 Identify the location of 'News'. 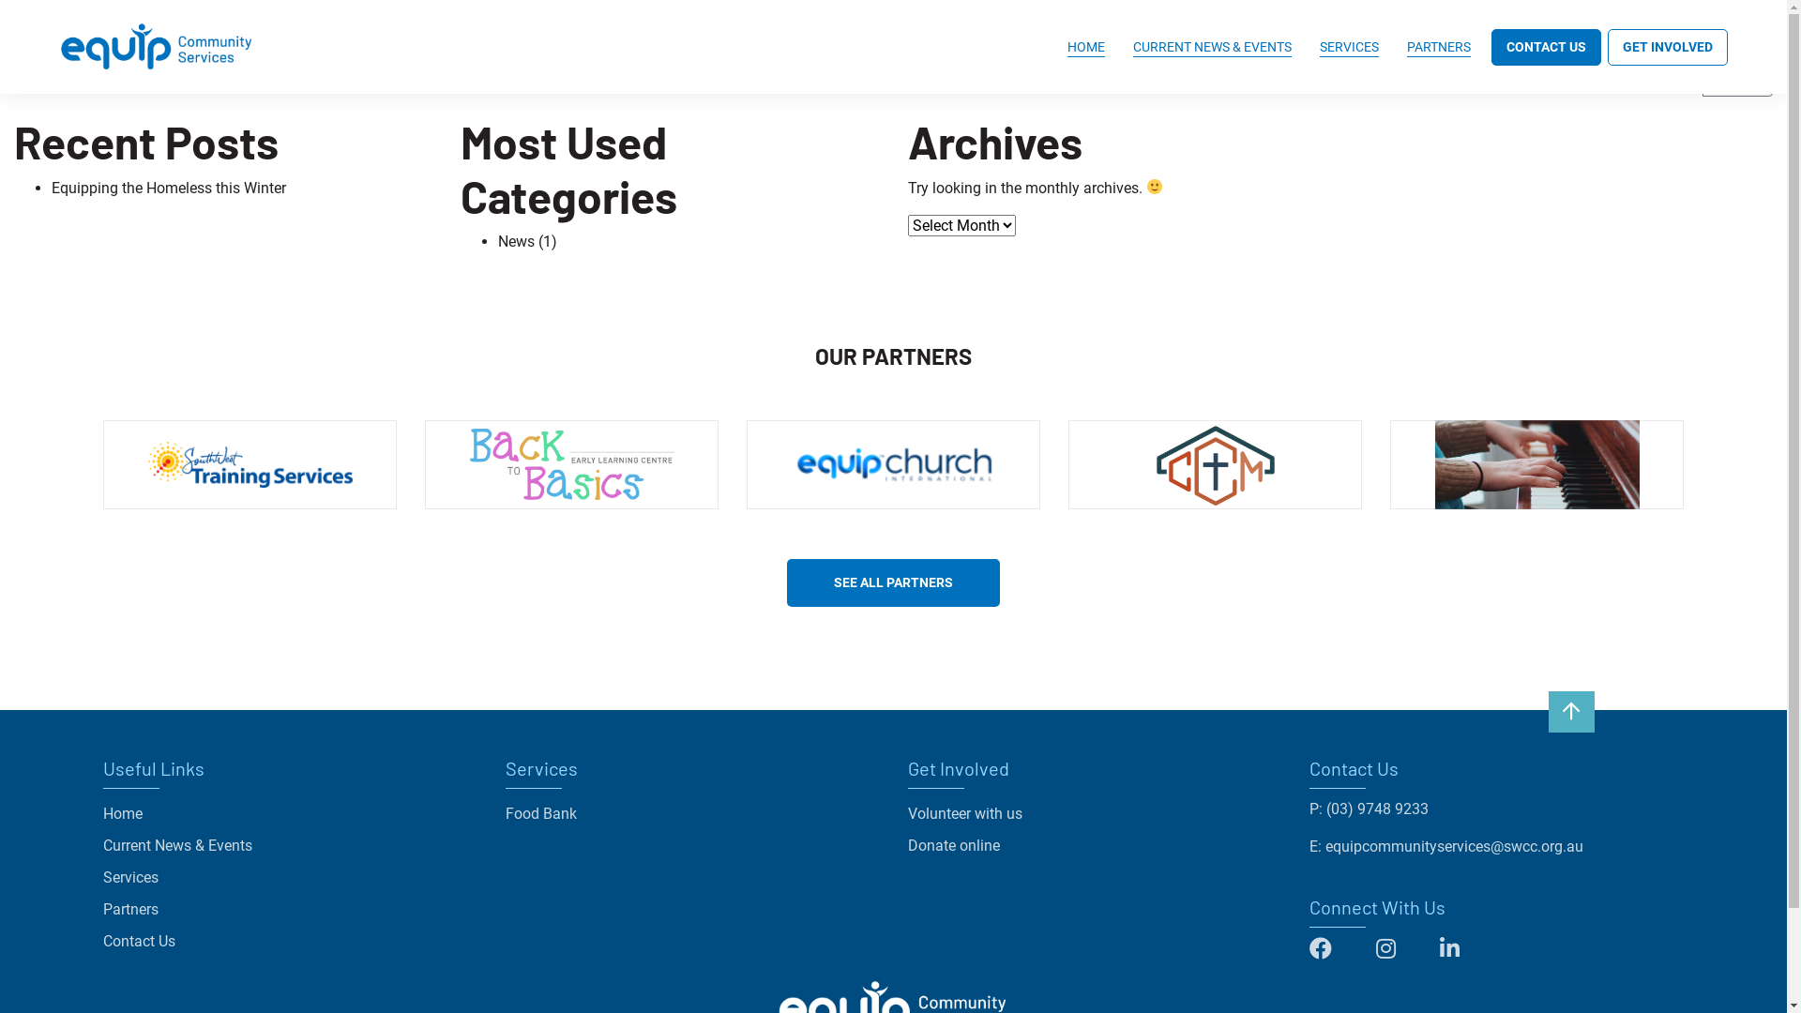
(498, 241).